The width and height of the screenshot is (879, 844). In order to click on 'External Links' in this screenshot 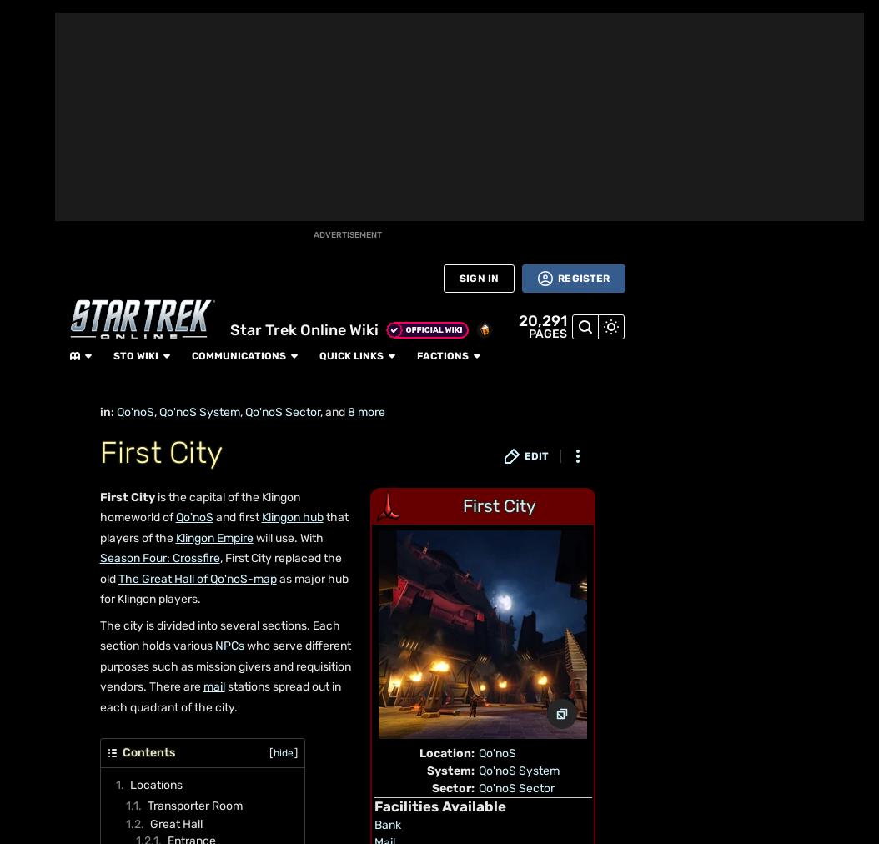, I will do `click(167, 763)`.